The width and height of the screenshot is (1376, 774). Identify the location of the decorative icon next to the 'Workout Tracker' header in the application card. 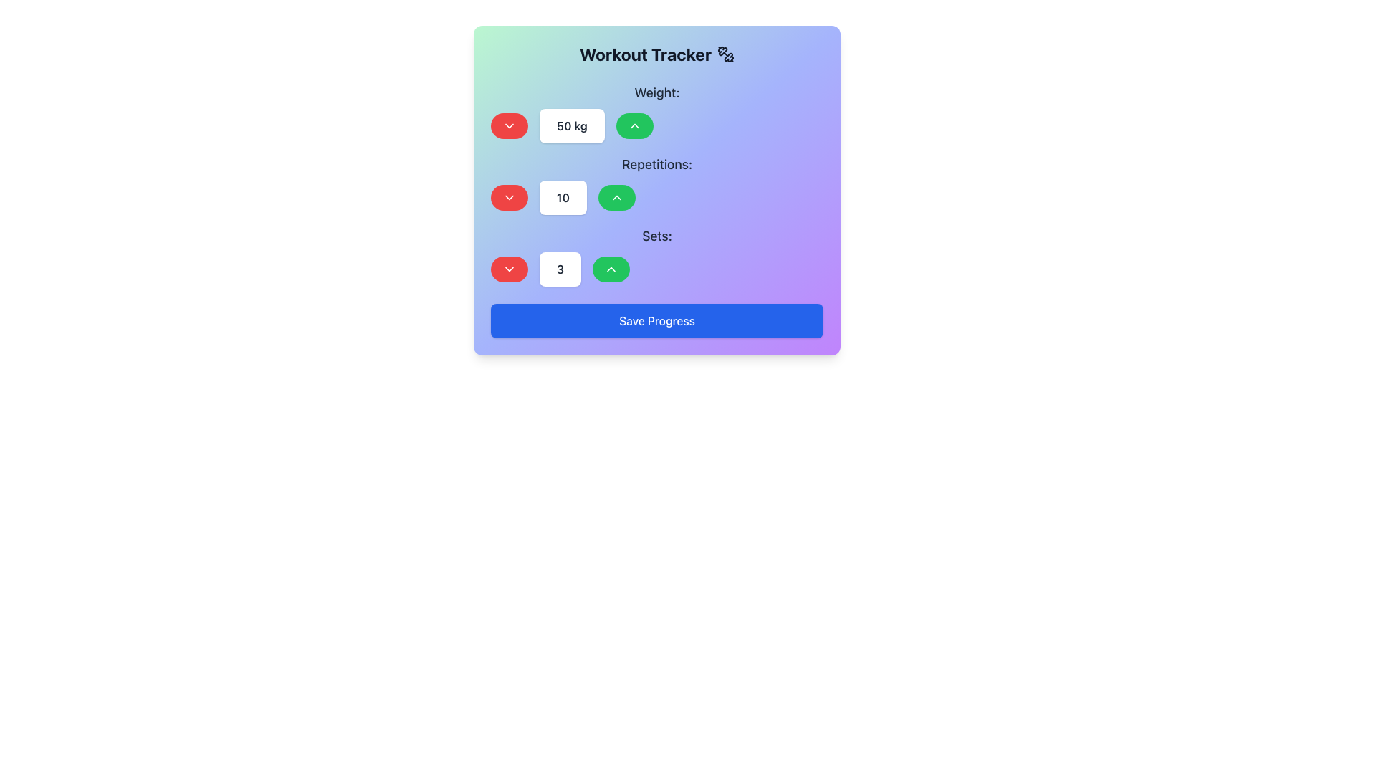
(725, 54).